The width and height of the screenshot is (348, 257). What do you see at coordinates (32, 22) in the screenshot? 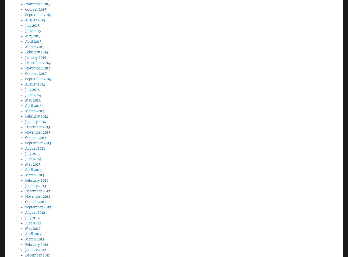
I see `'May 2015'` at bounding box center [32, 22].